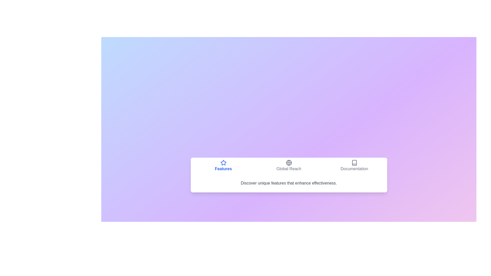 This screenshot has width=491, height=276. I want to click on the tab labeled Documentation, so click(354, 166).